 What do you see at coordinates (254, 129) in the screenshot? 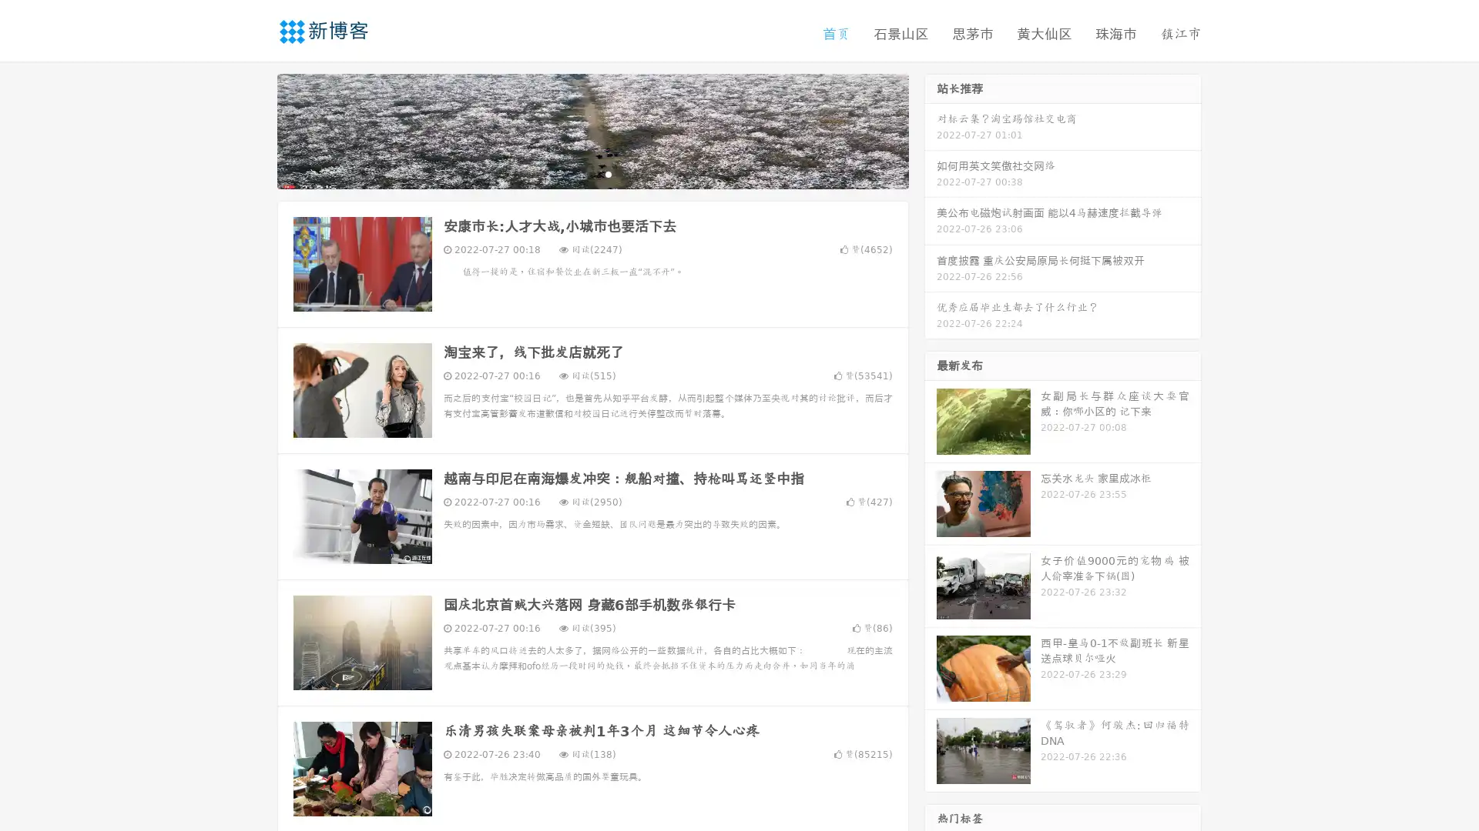
I see `Previous slide` at bounding box center [254, 129].